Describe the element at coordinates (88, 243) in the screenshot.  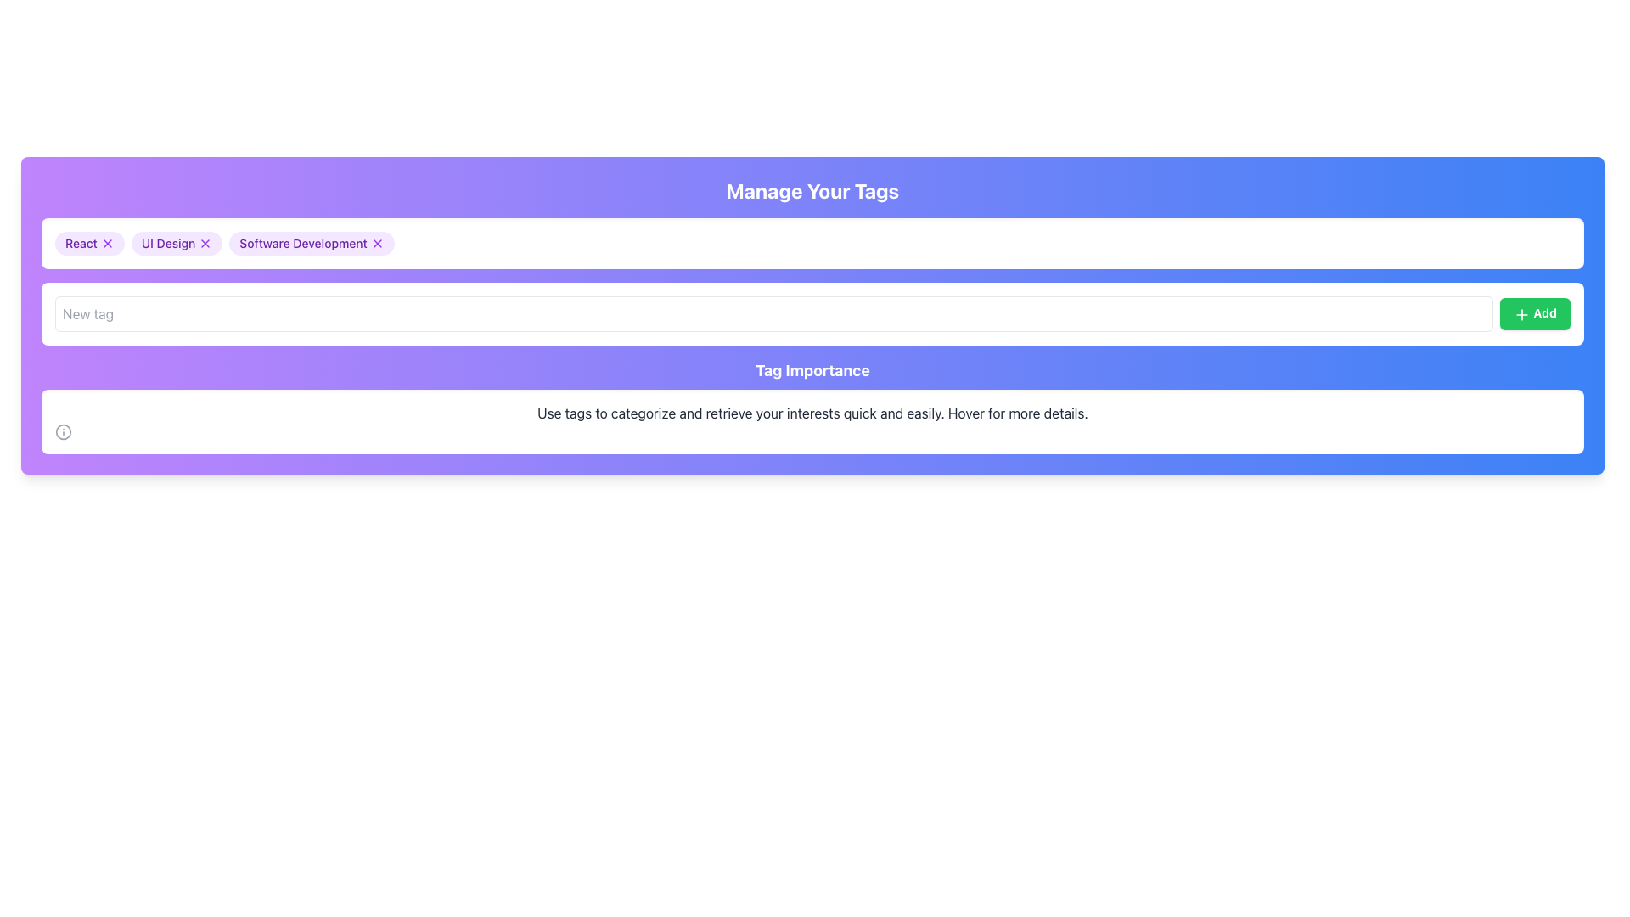
I see `the 'X' icon on the light purple 'React' tag` at that location.